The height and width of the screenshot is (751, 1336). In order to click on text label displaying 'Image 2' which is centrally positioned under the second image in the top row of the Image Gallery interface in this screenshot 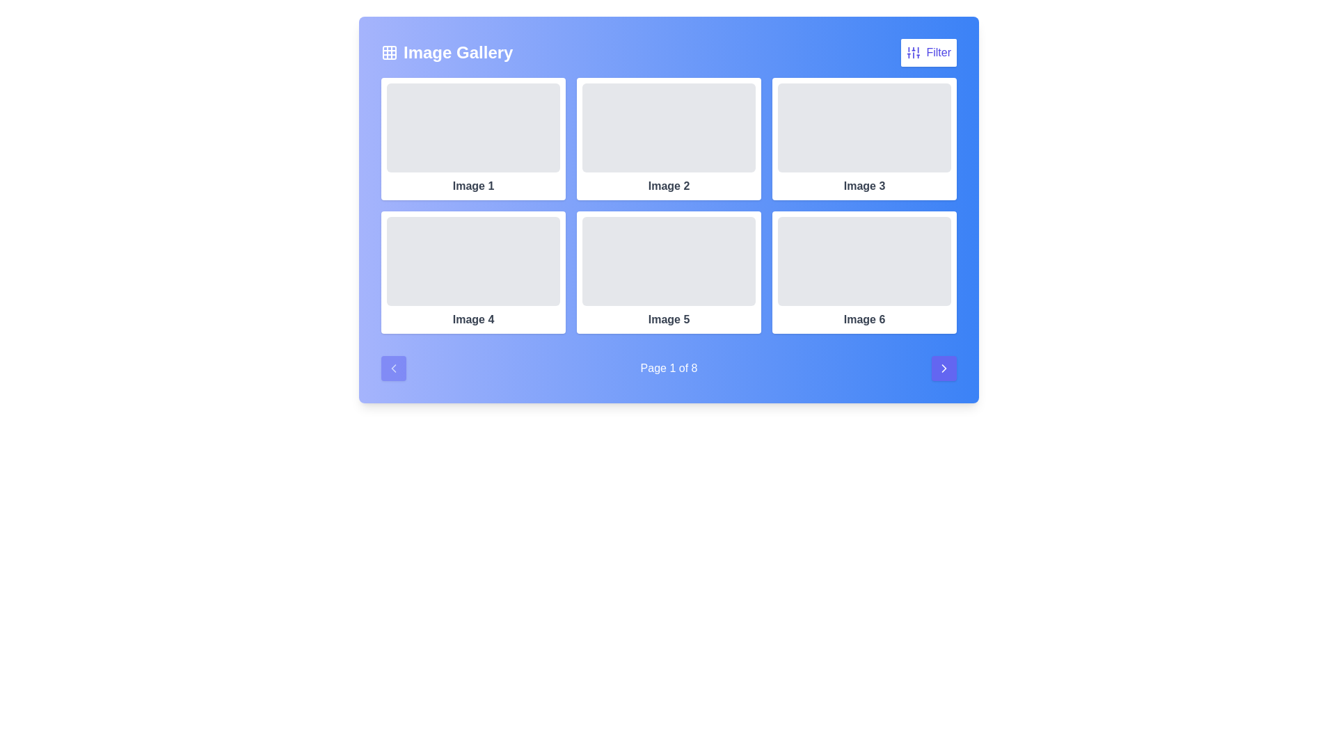, I will do `click(669, 185)`.